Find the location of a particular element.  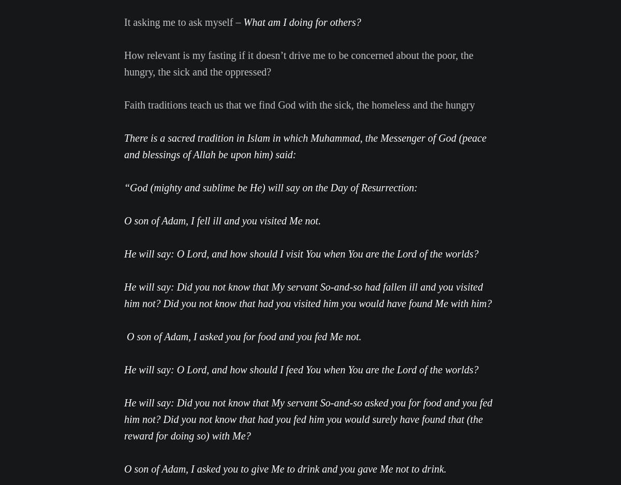

'He will say: Did you not know that My servant So-and-so asked you for food and you fed him not? Did you not know that had you fed him you would surely have found that (the reward for doing so) with Me?' is located at coordinates (307, 419).